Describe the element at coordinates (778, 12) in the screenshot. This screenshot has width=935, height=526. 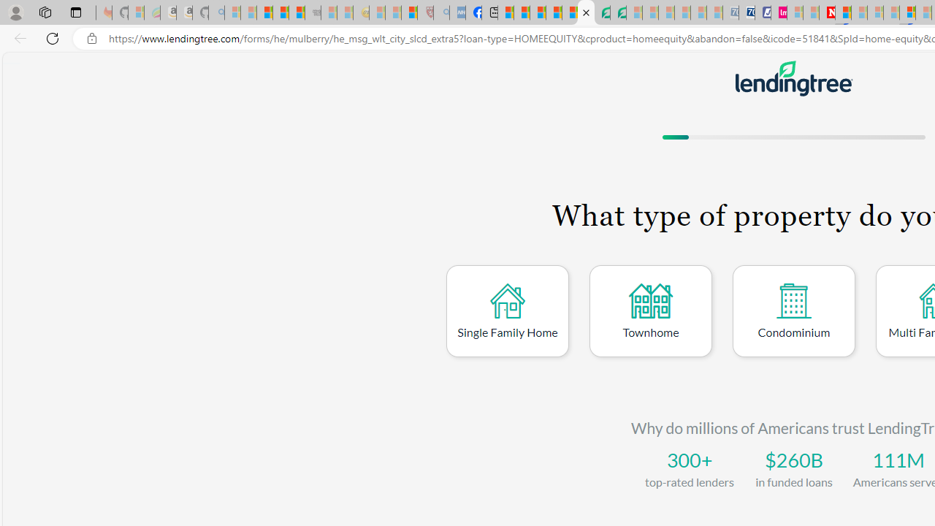
I see `'Jobs - lastminute.com Investor Portal'` at that location.